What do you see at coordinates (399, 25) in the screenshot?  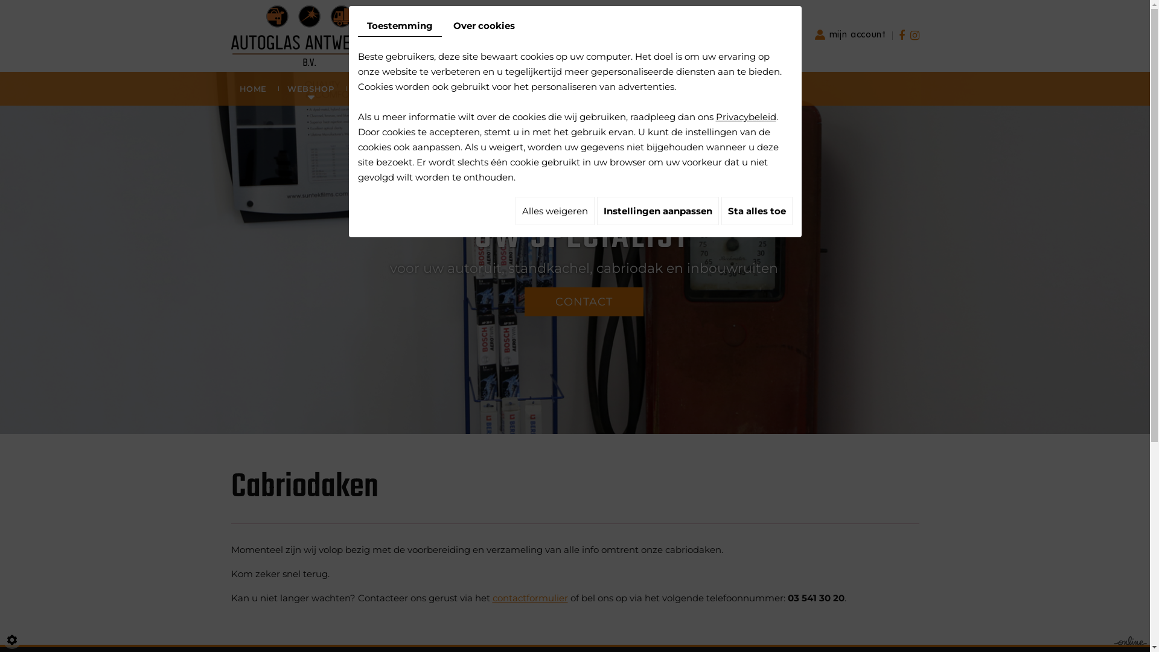 I see `'Toestemming'` at bounding box center [399, 25].